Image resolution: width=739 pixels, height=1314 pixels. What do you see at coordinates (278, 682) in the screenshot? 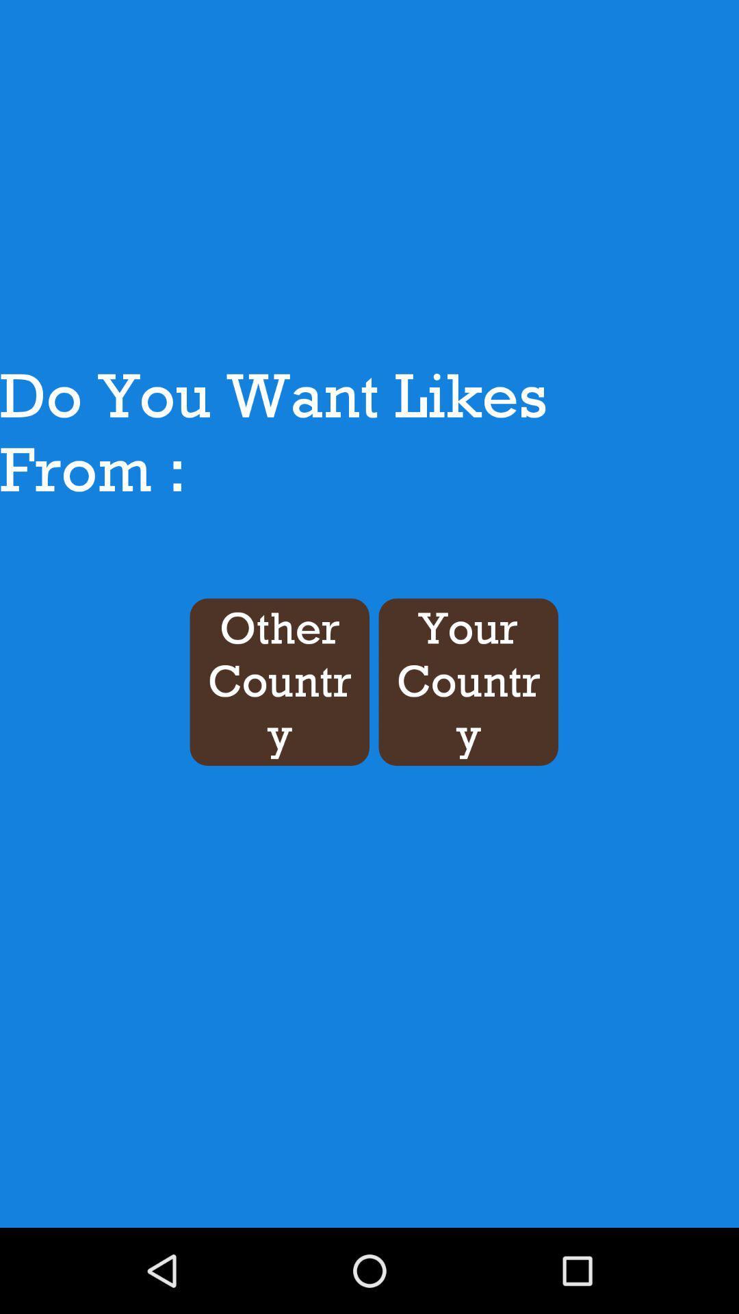
I see `the icon next to the your country button` at bounding box center [278, 682].